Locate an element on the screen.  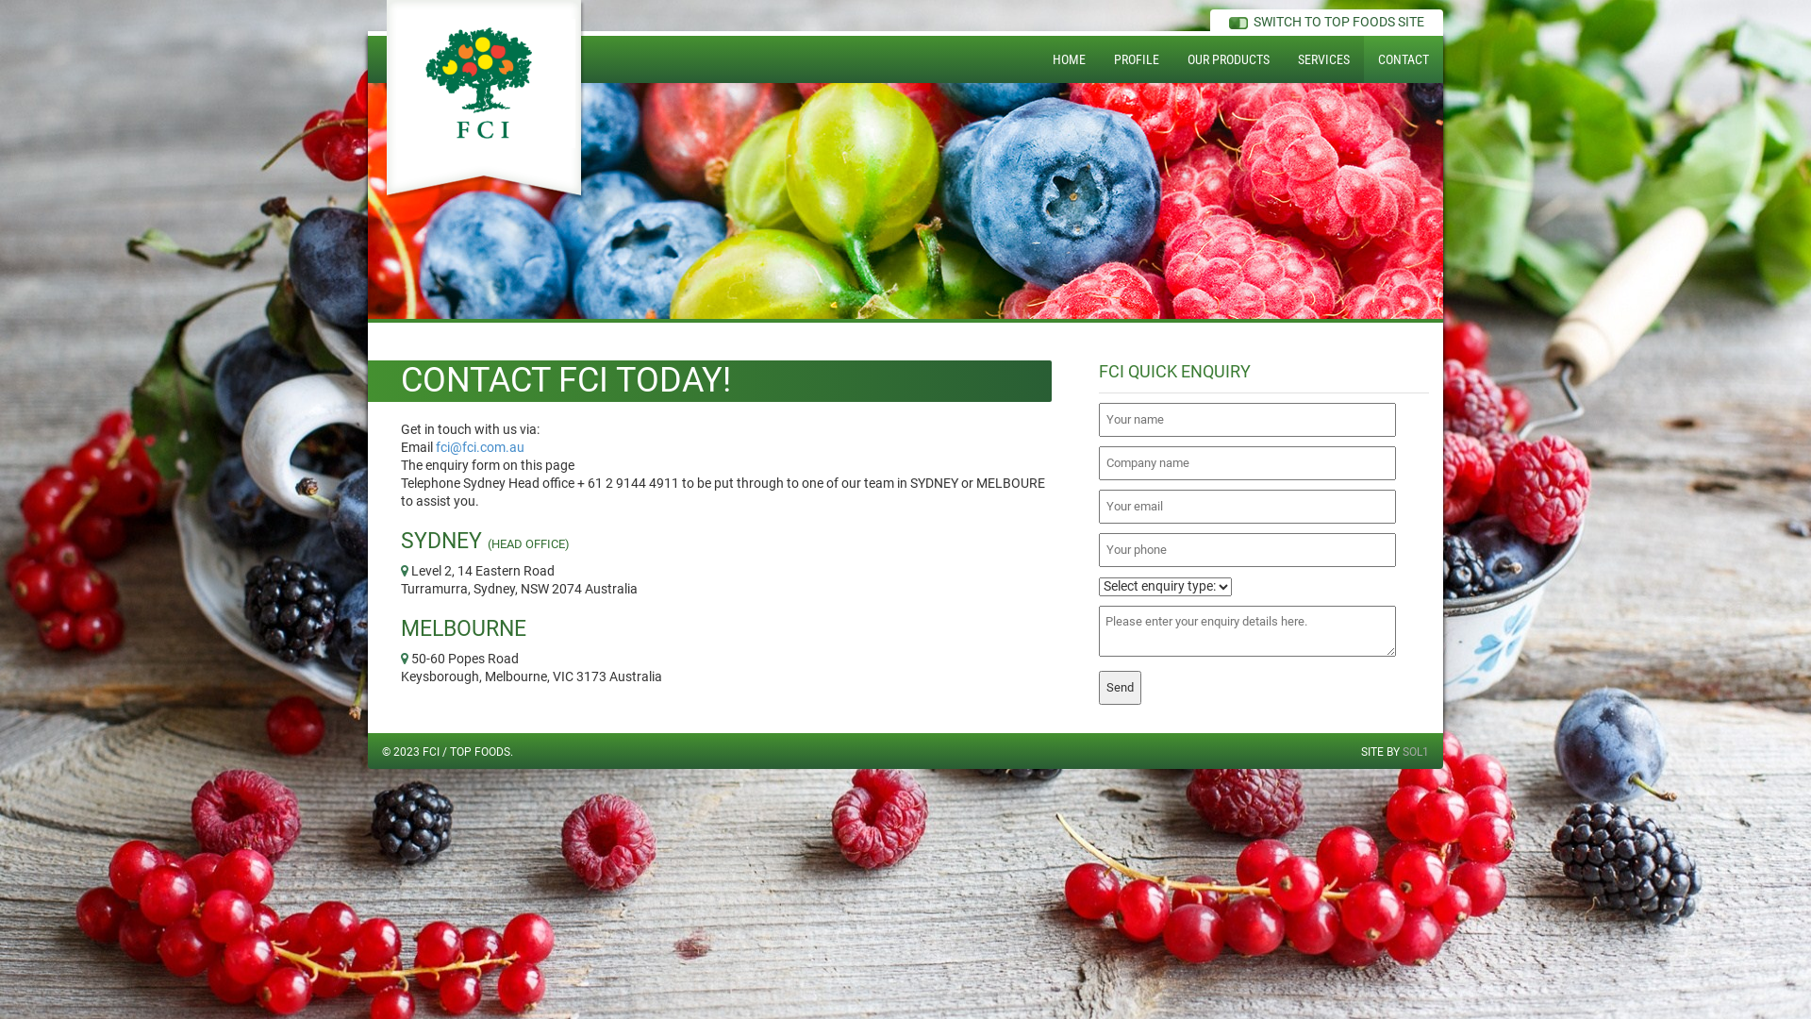
'OUR PRODUCTS' is located at coordinates (1228, 58).